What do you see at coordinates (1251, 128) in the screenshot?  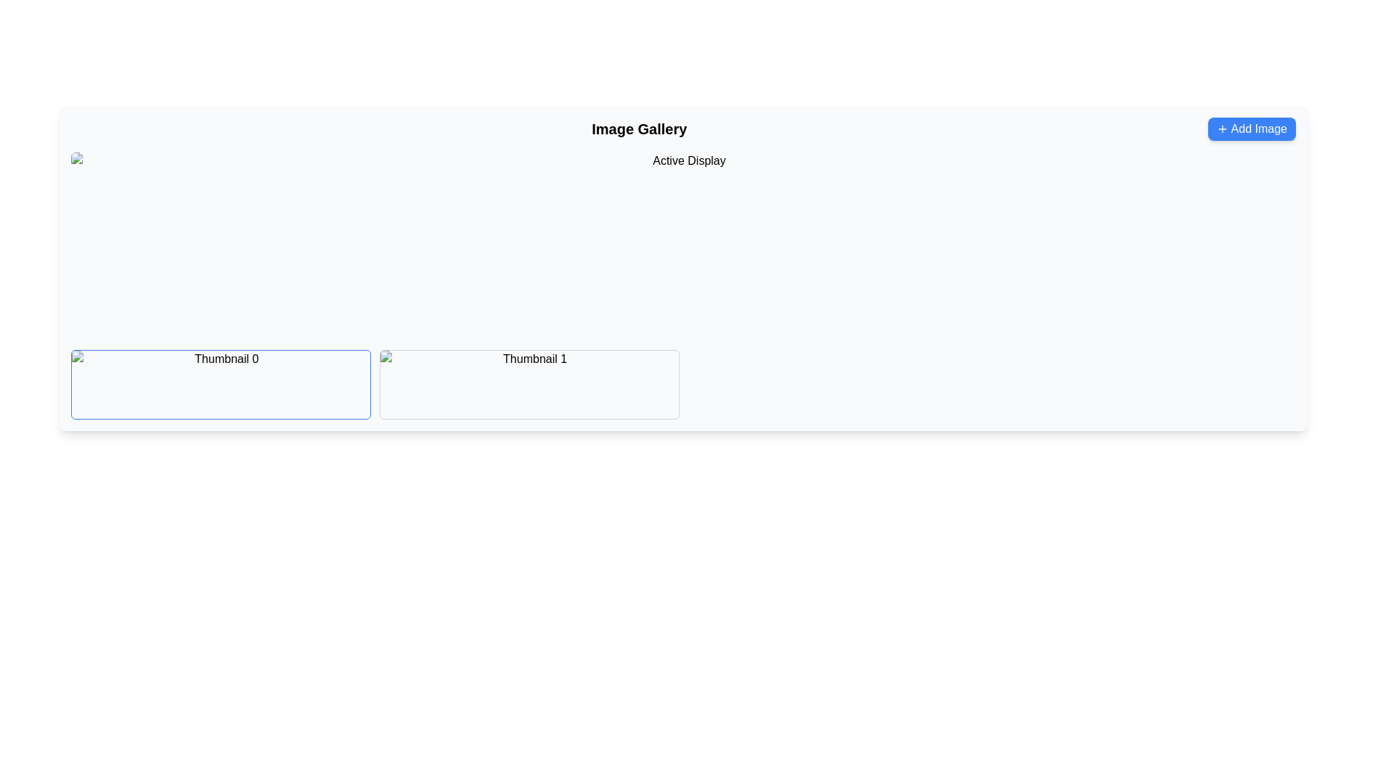 I see `the blue rectangular button labeled 'Add Image' with a plus icon` at bounding box center [1251, 128].